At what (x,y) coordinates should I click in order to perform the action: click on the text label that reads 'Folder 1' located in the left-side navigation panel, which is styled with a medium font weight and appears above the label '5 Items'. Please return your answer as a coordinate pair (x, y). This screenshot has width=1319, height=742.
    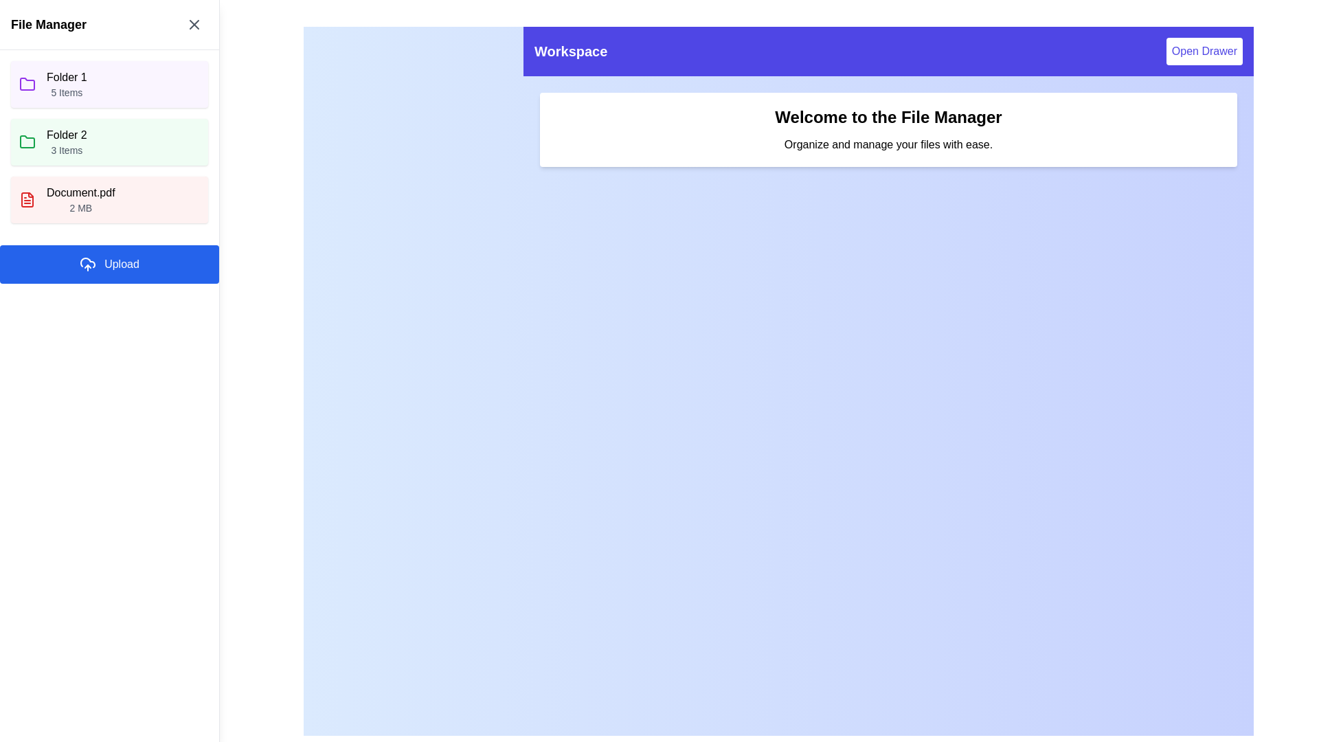
    Looking at the image, I should click on (66, 77).